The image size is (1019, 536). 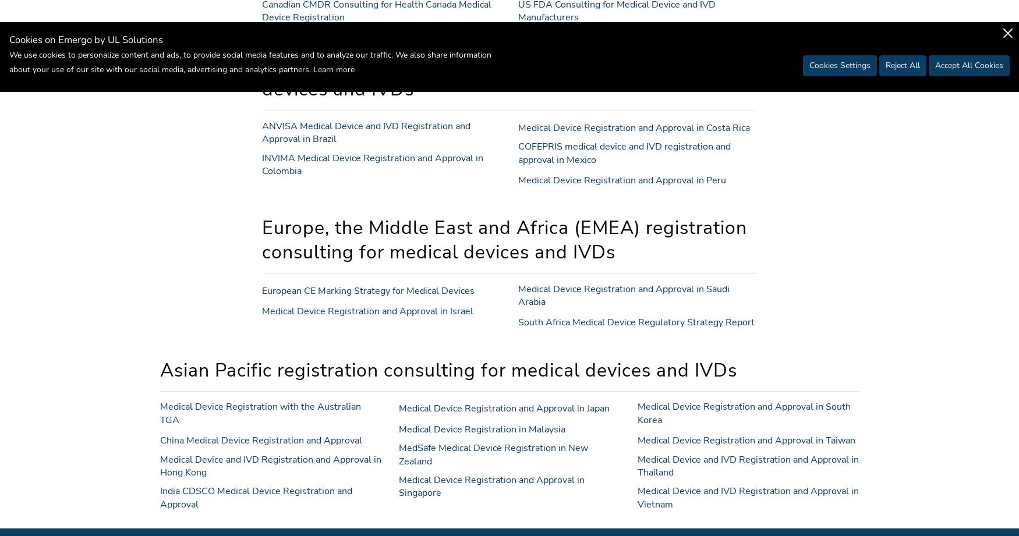 I want to click on 'China Medical Device Registration and Approval', so click(x=261, y=440).